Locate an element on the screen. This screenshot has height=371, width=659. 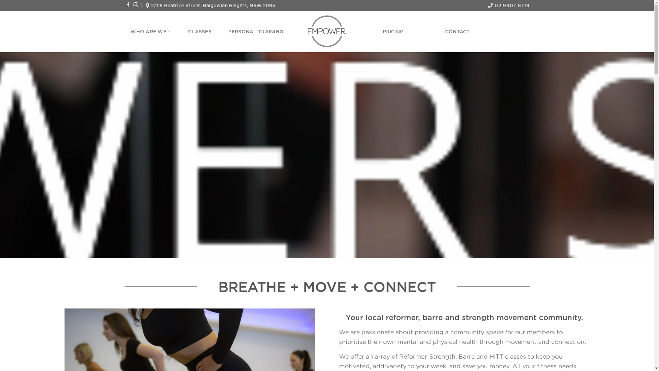
'PERSONAL TRAINING' is located at coordinates (255, 32).